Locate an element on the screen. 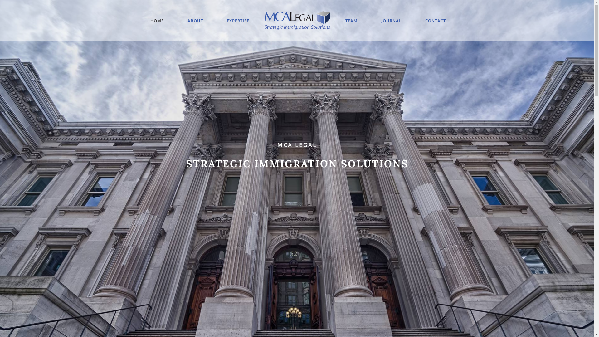 This screenshot has height=337, width=599. 'HOME' is located at coordinates (157, 20).